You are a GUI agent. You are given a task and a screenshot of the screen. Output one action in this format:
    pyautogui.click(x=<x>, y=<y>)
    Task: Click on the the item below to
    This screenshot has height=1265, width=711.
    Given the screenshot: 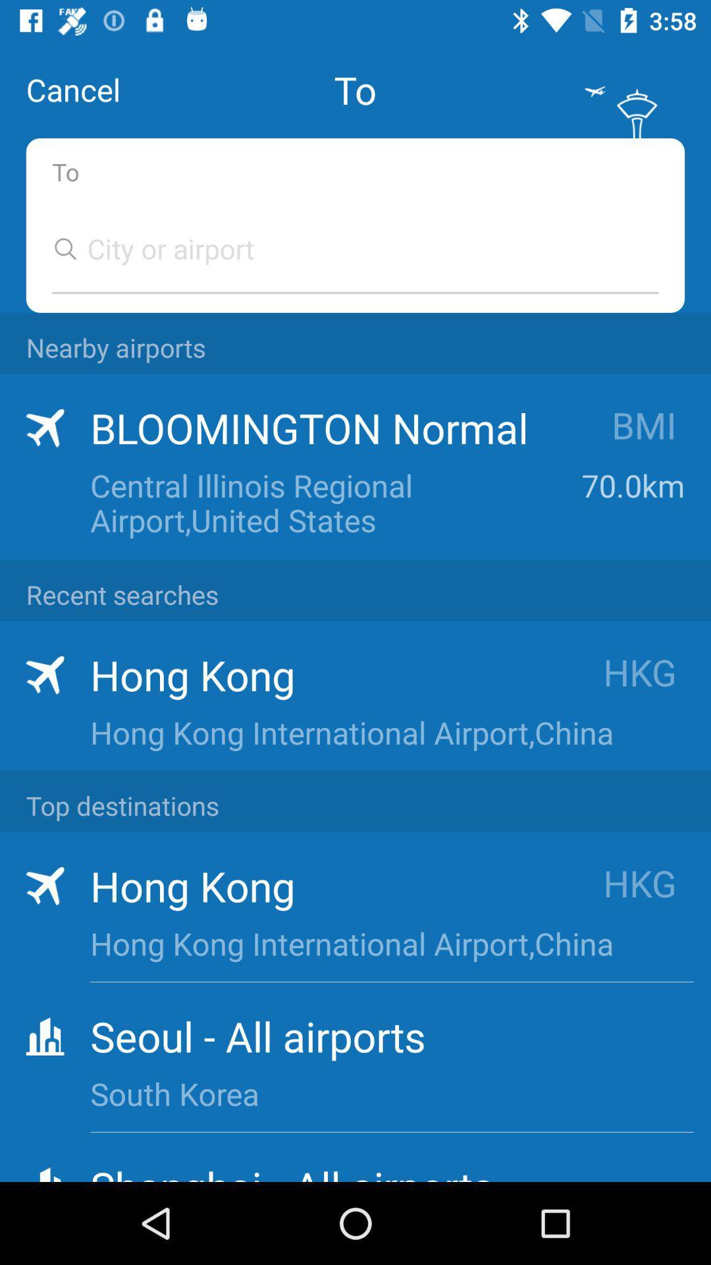 What is the action you would take?
    pyautogui.click(x=342, y=248)
    